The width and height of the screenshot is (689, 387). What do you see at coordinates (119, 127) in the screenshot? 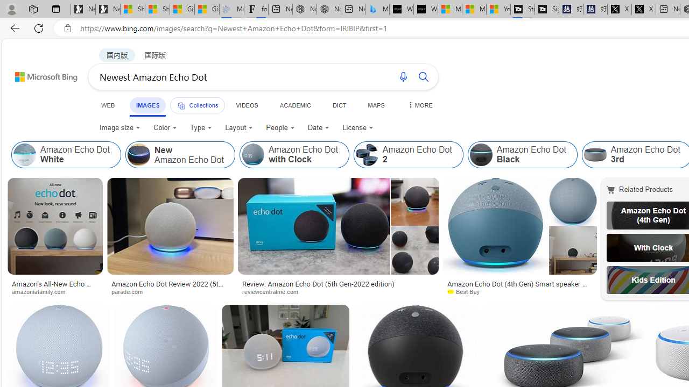
I see `'Image size'` at bounding box center [119, 127].